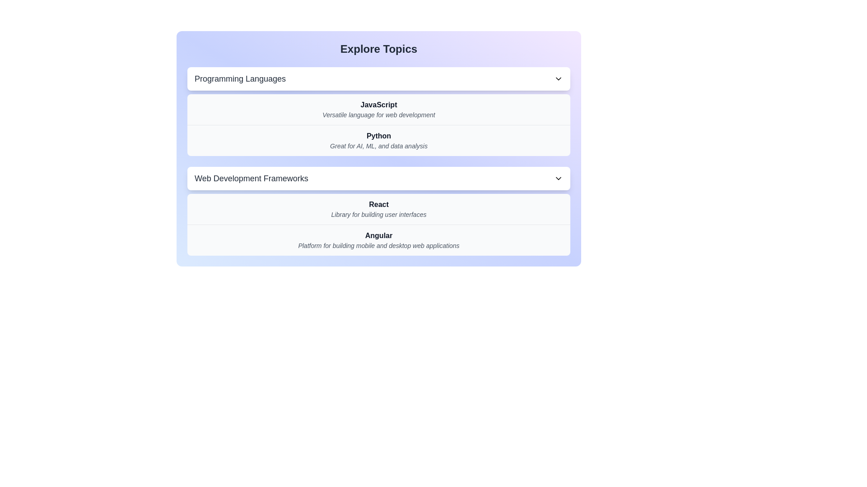  I want to click on the descriptive subtitle text label located in the bottom section of the 'React' card under the 'Web Development Frameworks' category, positioned directly below the title 'React', so click(379, 214).